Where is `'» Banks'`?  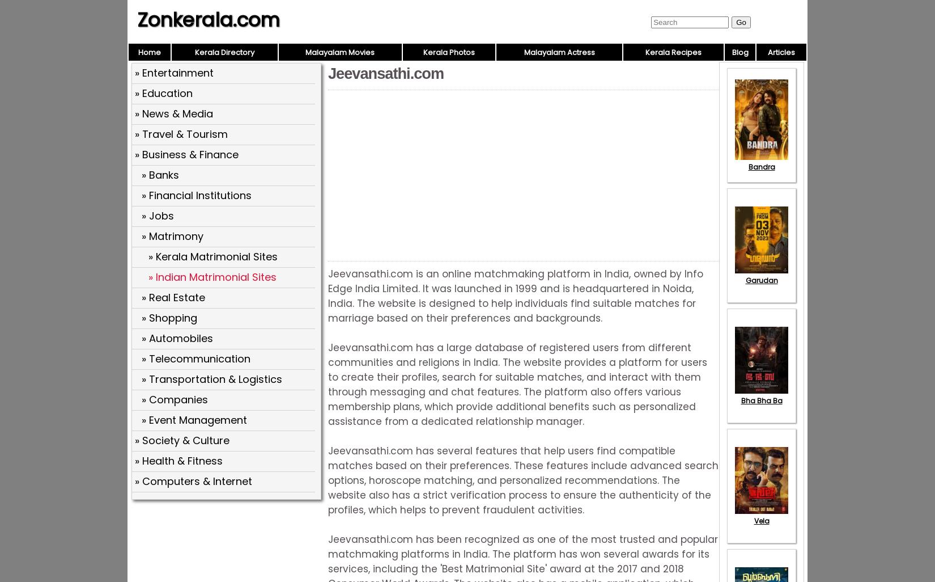
'» Banks' is located at coordinates (160, 175).